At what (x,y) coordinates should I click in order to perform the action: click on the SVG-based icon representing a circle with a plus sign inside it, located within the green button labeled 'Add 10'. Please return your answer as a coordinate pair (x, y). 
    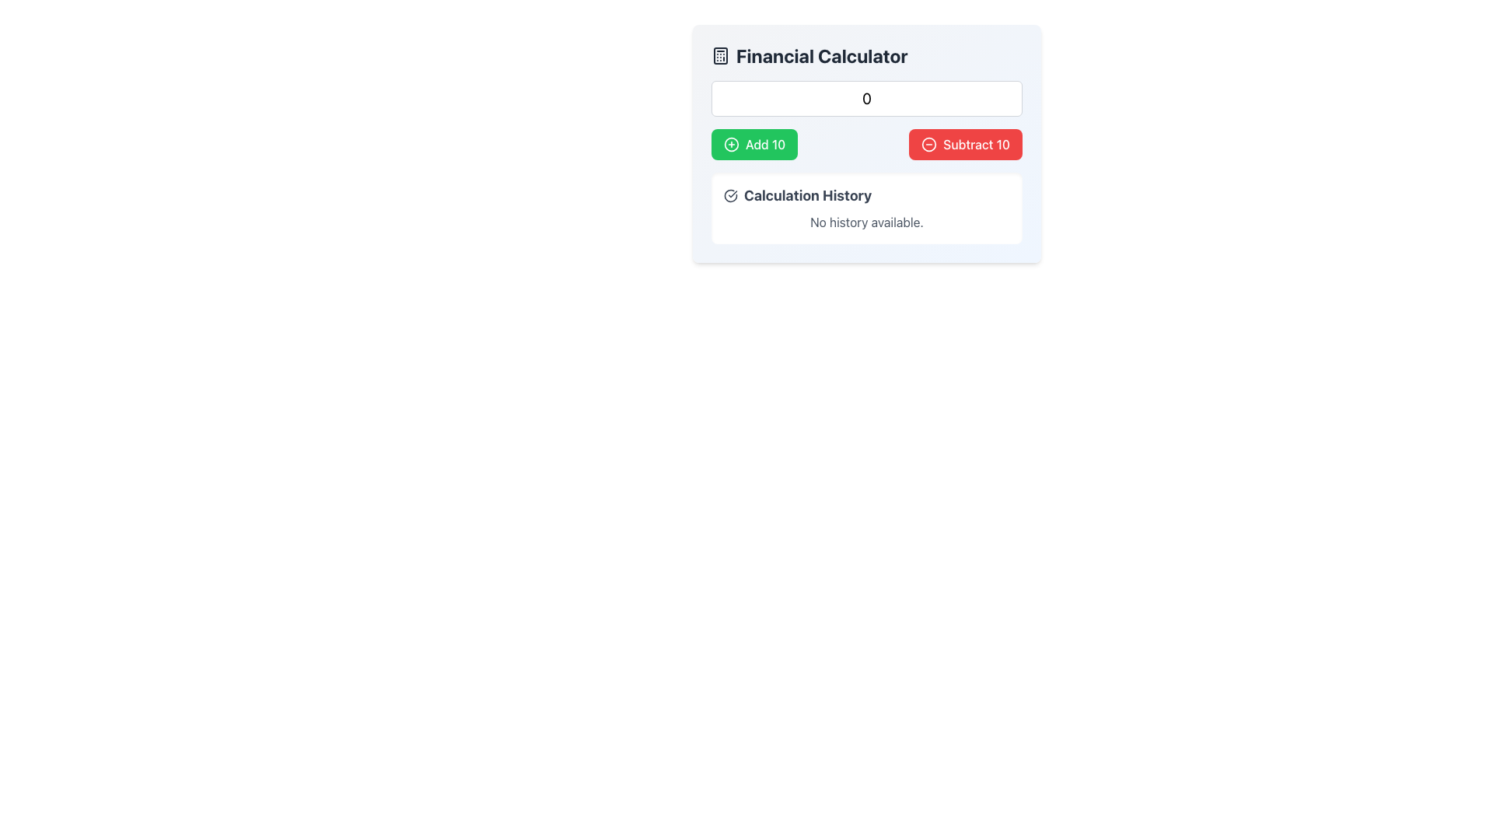
    Looking at the image, I should click on (730, 144).